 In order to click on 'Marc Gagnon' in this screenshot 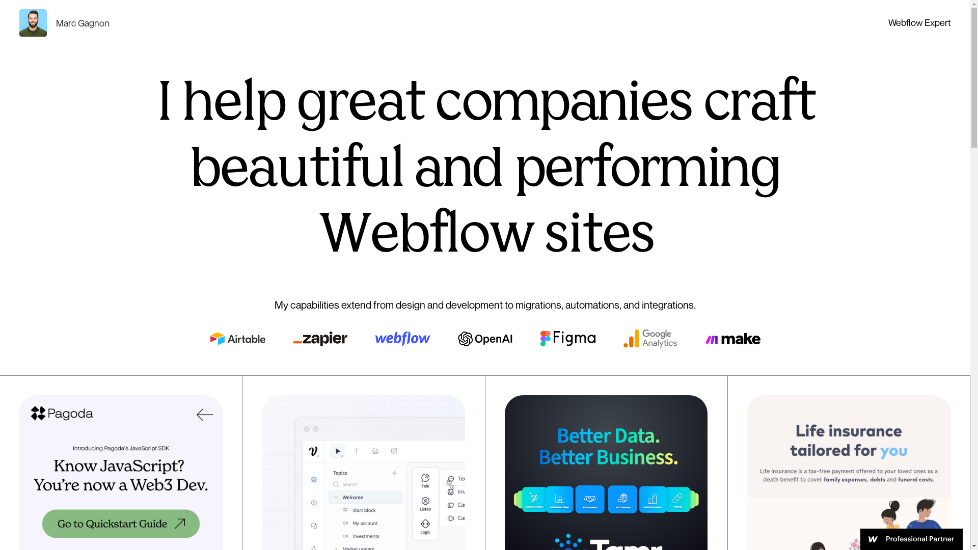, I will do `click(64, 23)`.